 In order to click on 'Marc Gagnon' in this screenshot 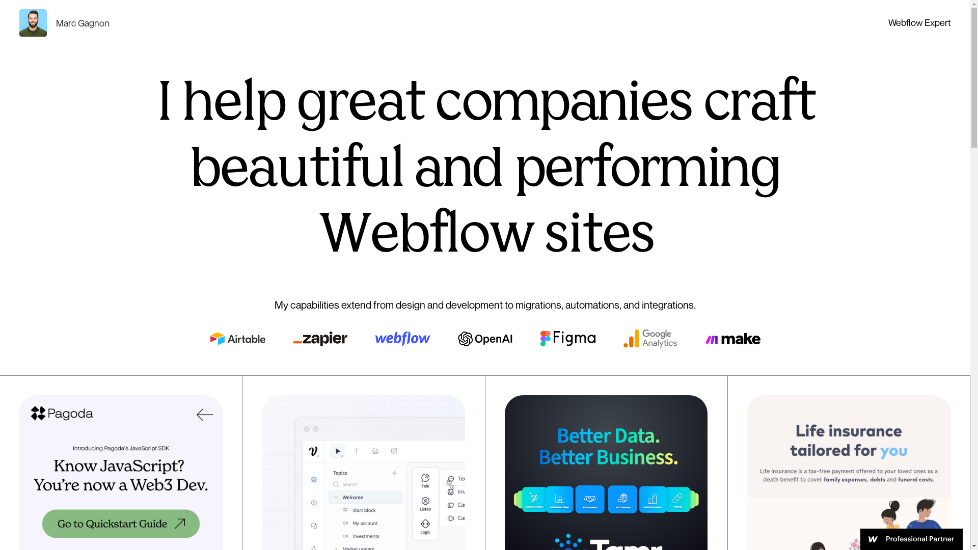, I will do `click(64, 23)`.